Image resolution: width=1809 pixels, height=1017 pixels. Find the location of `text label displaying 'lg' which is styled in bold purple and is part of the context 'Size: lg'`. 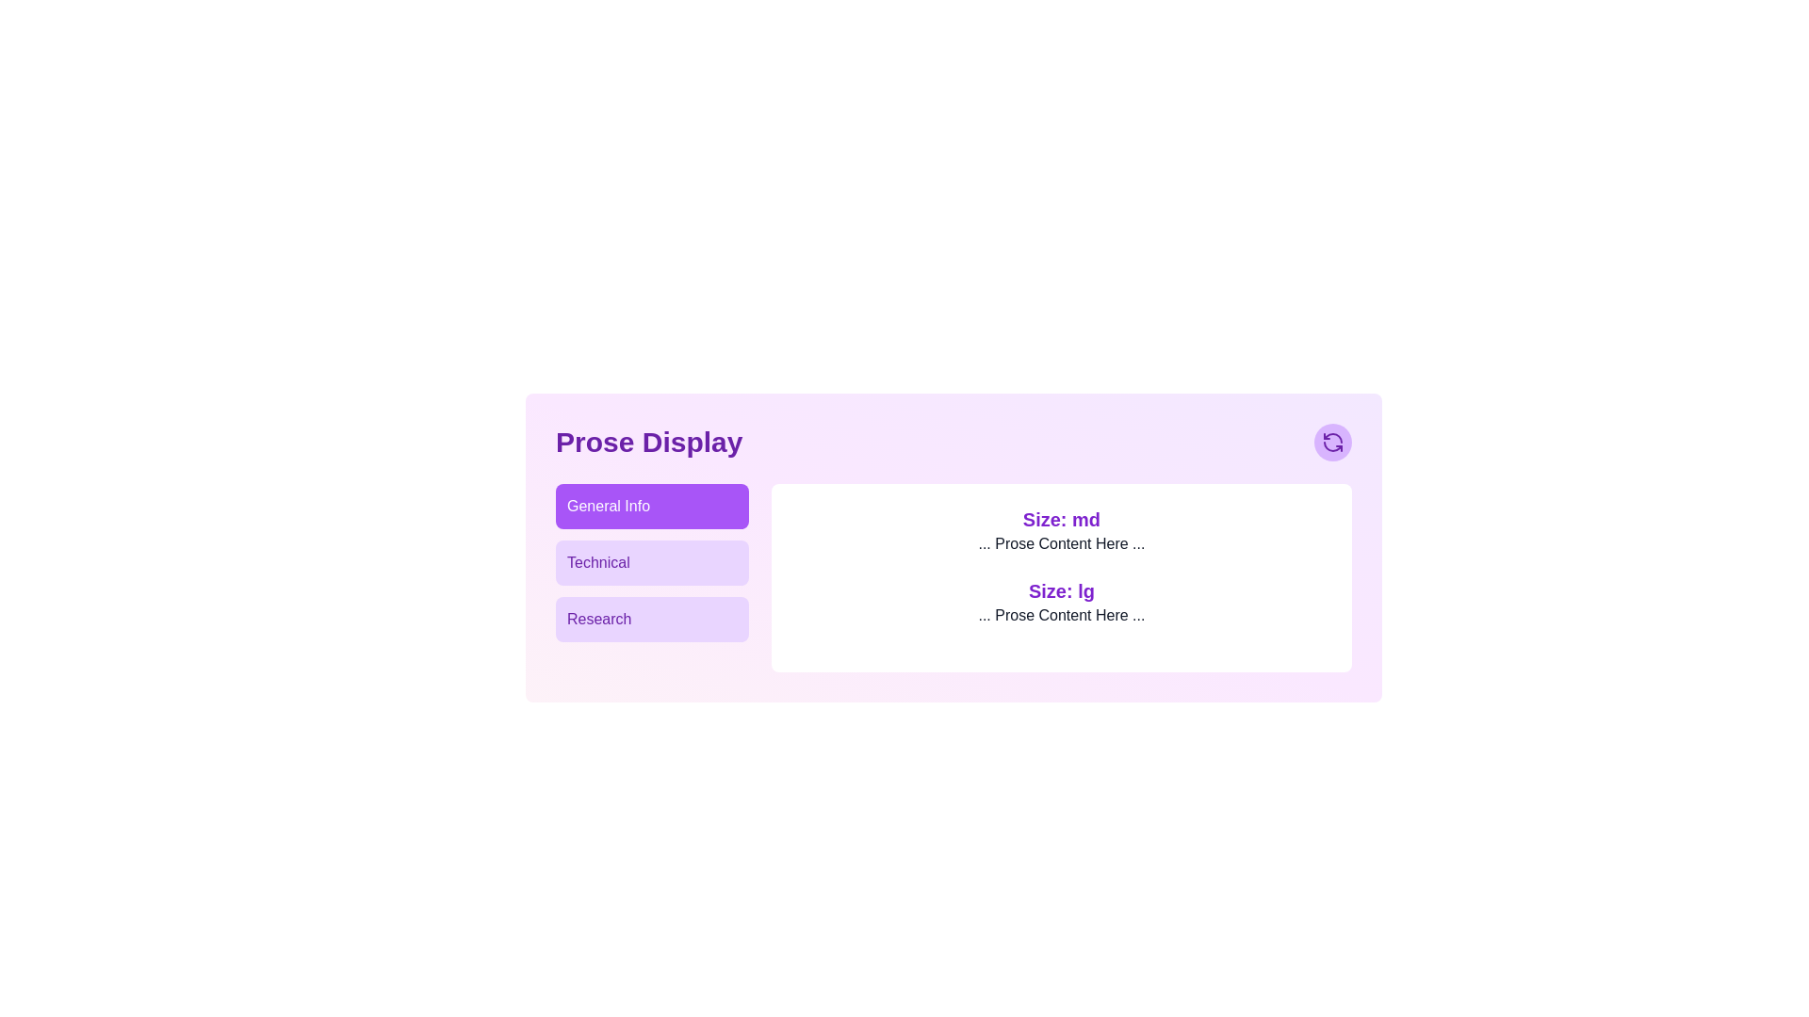

text label displaying 'lg' which is styled in bold purple and is part of the context 'Size: lg' is located at coordinates (1086, 590).